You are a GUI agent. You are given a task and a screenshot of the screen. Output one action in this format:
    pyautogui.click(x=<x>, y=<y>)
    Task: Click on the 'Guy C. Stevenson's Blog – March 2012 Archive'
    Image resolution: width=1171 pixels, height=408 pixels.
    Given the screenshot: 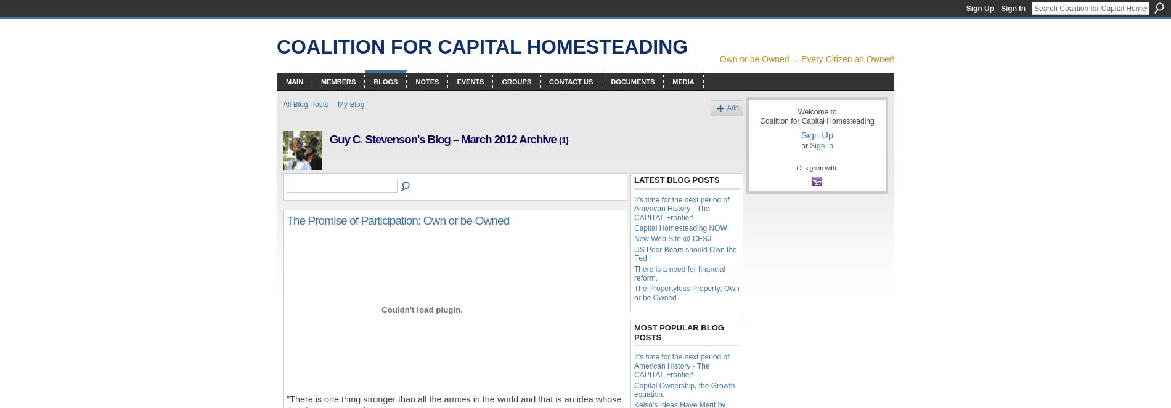 What is the action you would take?
    pyautogui.click(x=444, y=139)
    